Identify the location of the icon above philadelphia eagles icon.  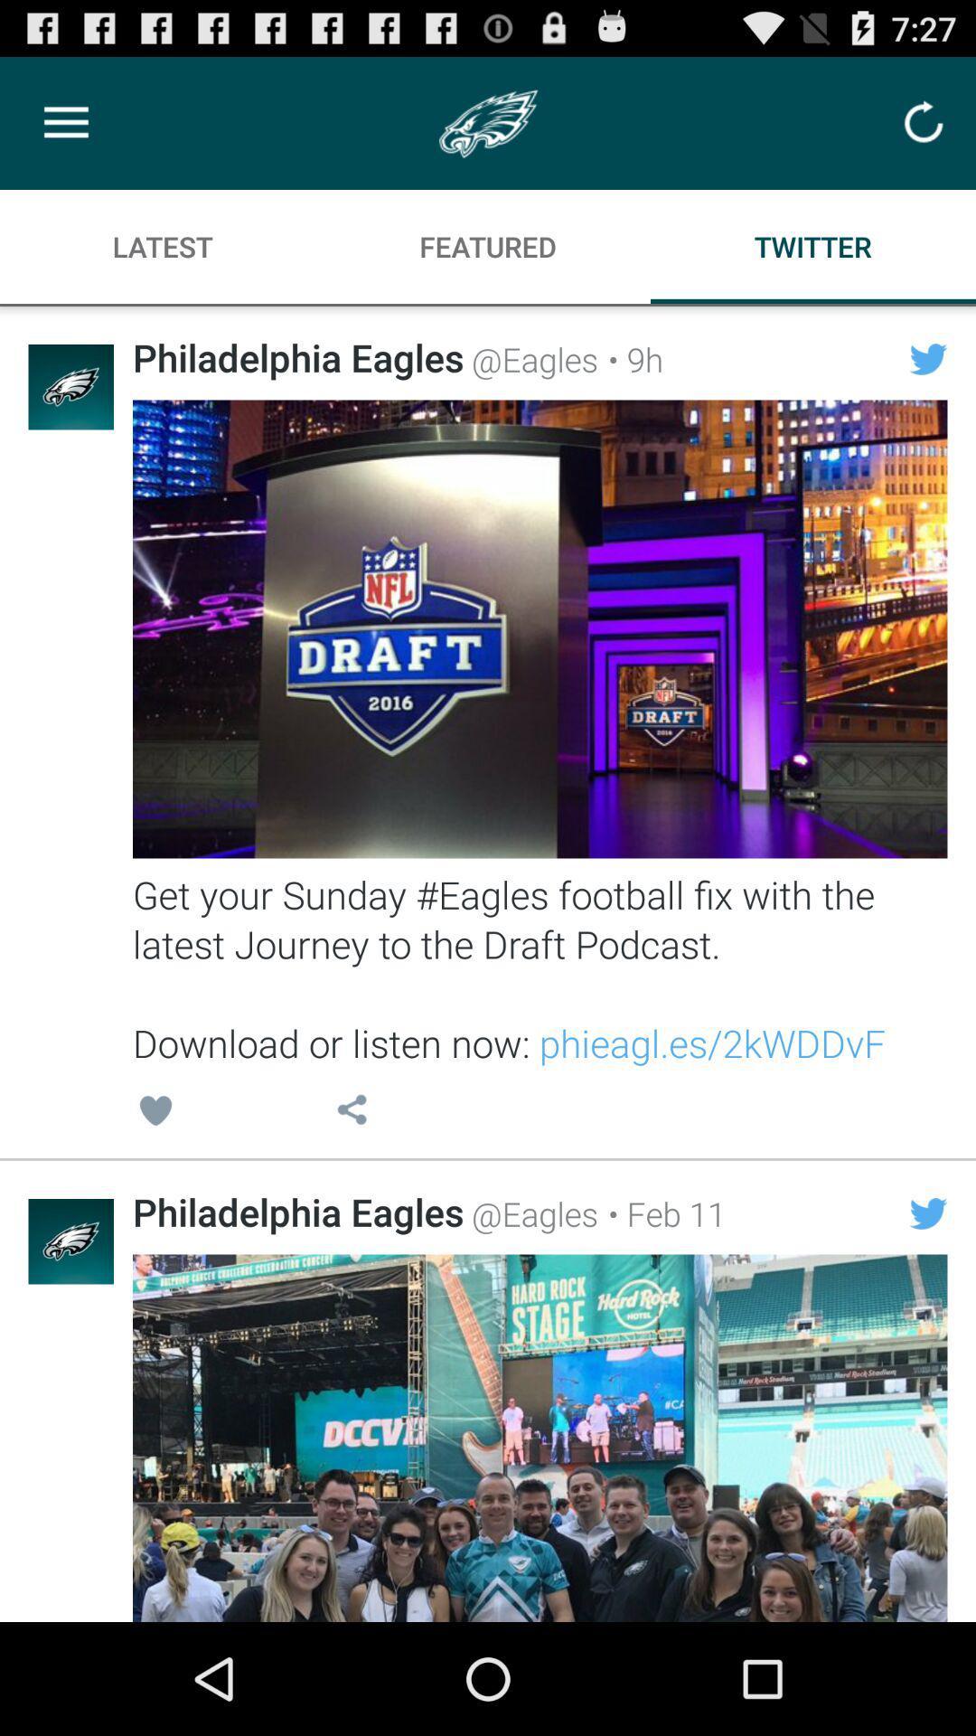
(155, 1112).